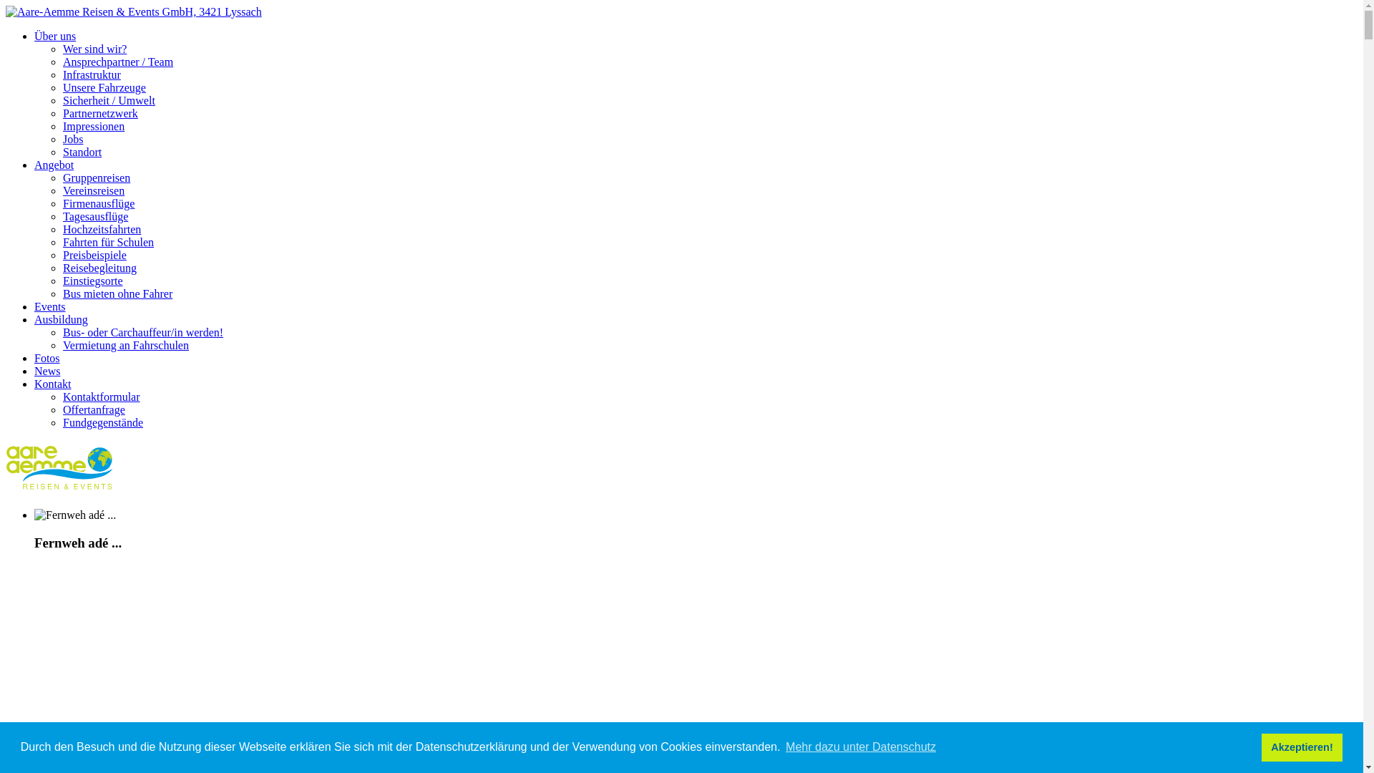 This screenshot has width=1374, height=773. Describe the element at coordinates (62, 177) in the screenshot. I see `'Gruppenreisen'` at that location.